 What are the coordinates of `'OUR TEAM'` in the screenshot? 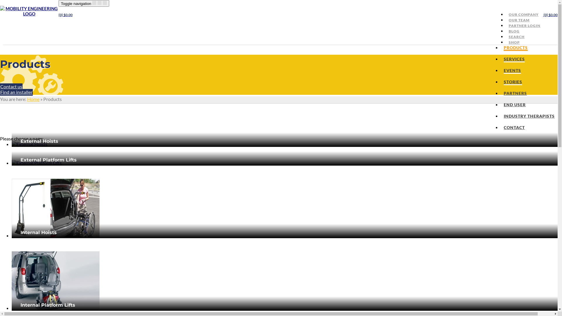 It's located at (519, 20).